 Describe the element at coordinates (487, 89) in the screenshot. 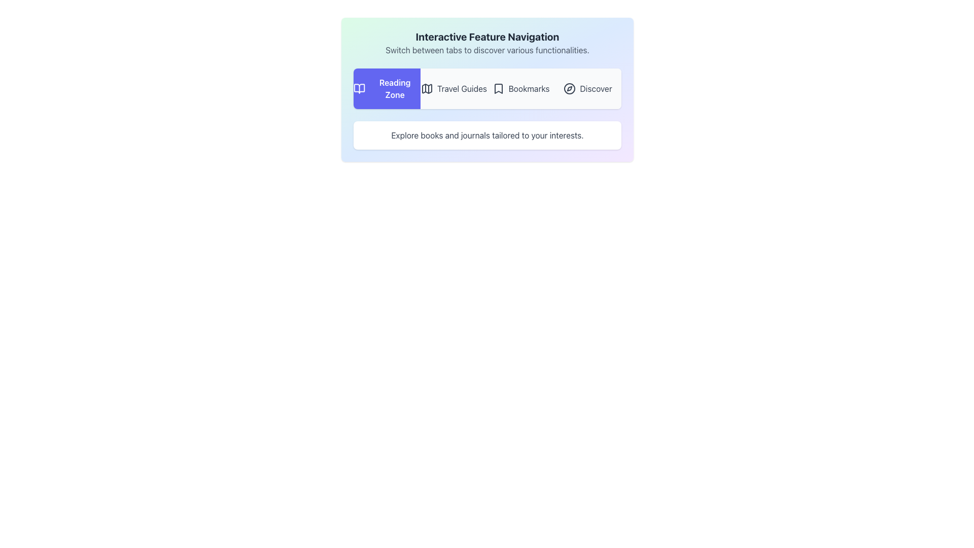

I see `the 'Travel Guides' tab located within the interactive card titled 'Interactive Feature Navigation'` at that location.